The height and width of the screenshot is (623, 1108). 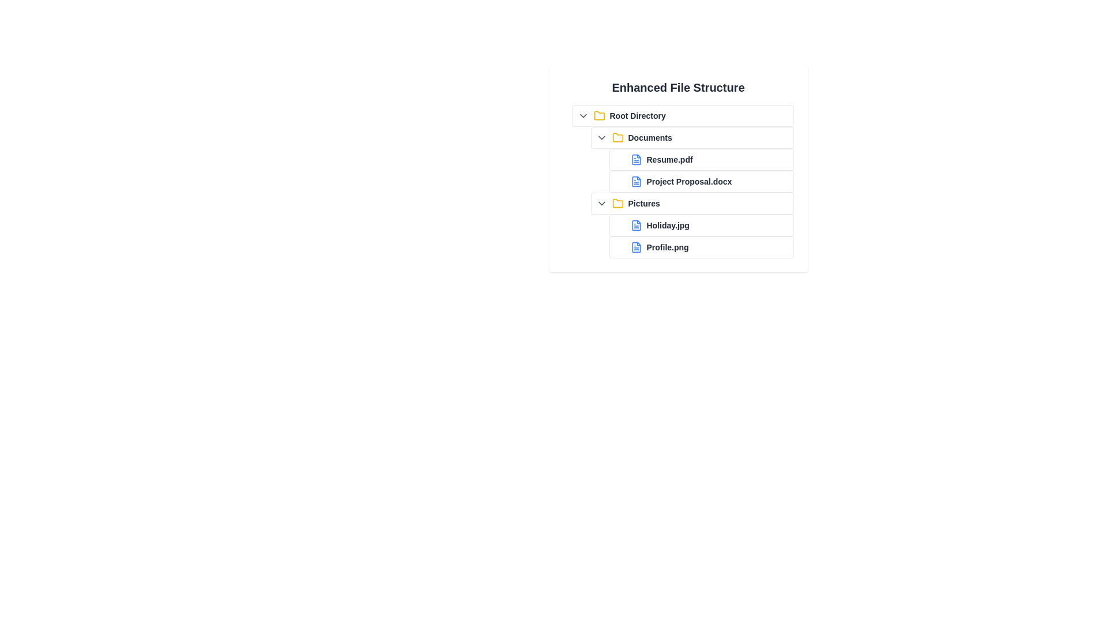 What do you see at coordinates (678, 87) in the screenshot?
I see `the label displaying 'Enhanced File Structure', which is a bold, large black font text located at the top-center of a card-like structure` at bounding box center [678, 87].